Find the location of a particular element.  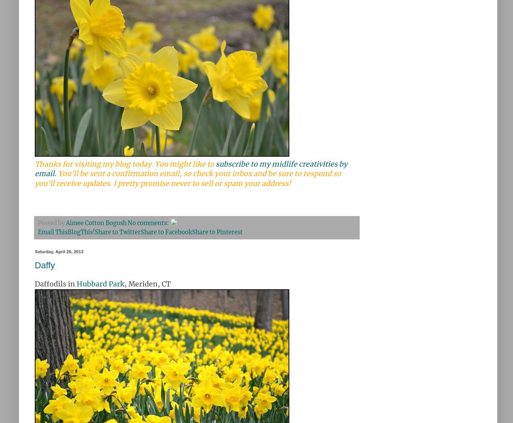

'Share to Pinterest' is located at coordinates (217, 232).